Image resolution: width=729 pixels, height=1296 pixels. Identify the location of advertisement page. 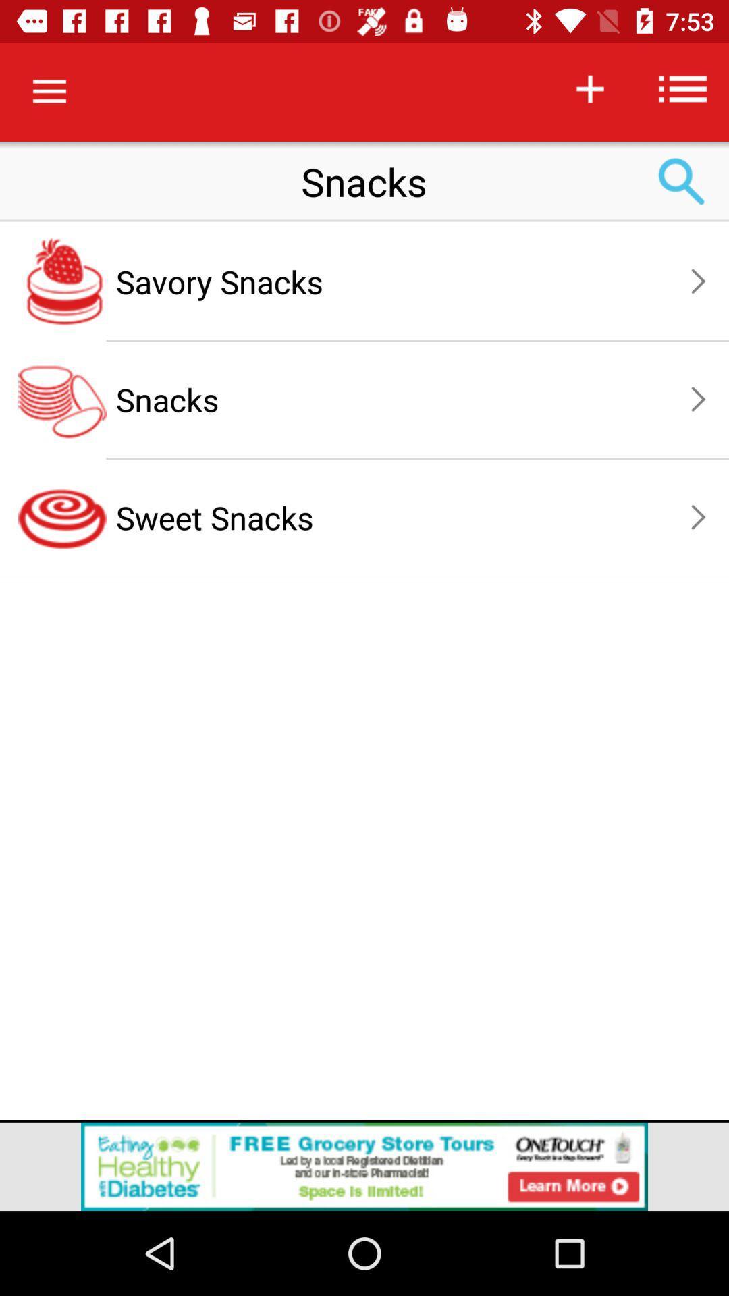
(364, 1166).